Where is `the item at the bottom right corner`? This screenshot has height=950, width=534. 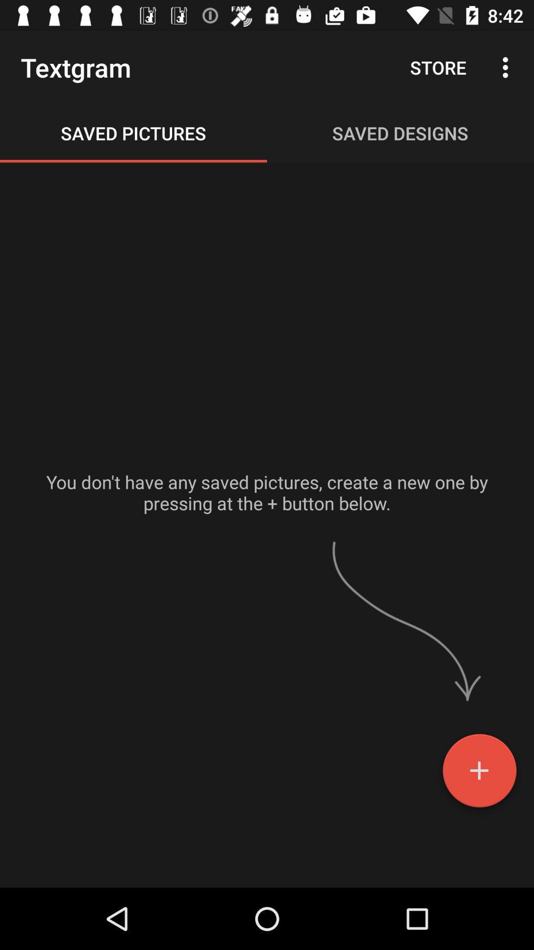
the item at the bottom right corner is located at coordinates (479, 774).